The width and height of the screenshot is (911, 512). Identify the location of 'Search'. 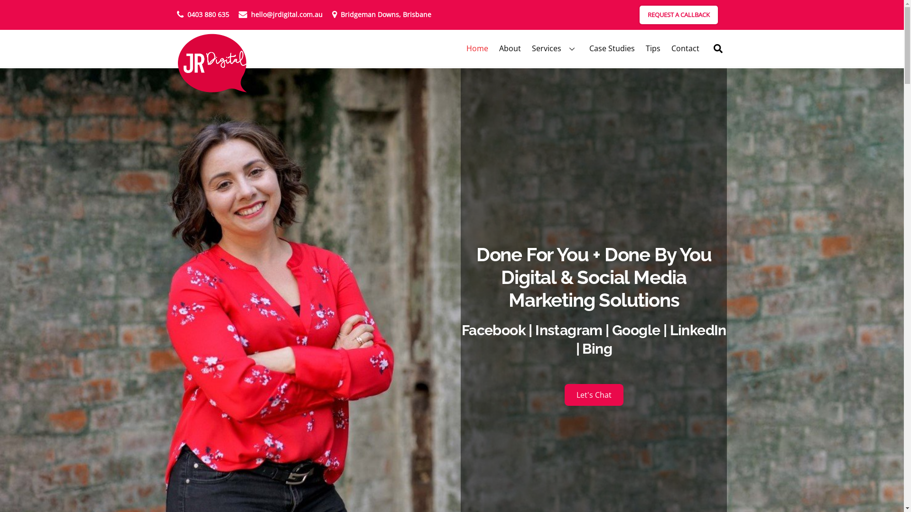
(708, 48).